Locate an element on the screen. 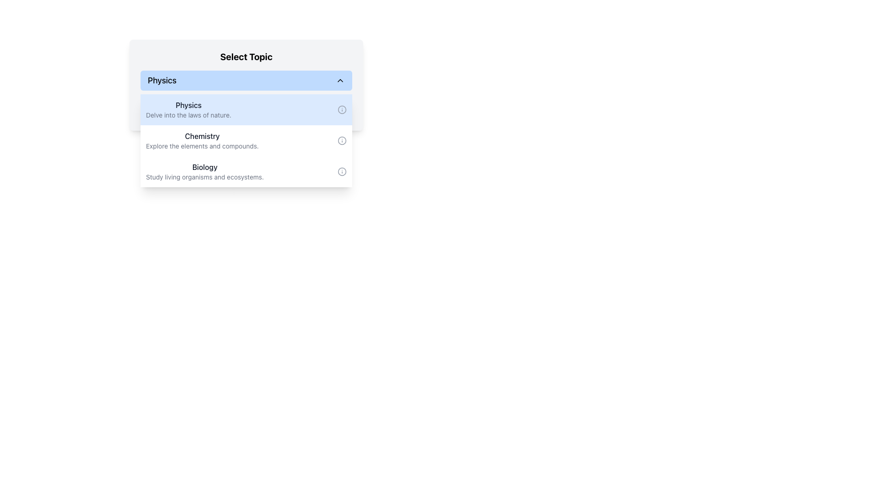  the 'Chemistry' selectable list item is located at coordinates (246, 140).